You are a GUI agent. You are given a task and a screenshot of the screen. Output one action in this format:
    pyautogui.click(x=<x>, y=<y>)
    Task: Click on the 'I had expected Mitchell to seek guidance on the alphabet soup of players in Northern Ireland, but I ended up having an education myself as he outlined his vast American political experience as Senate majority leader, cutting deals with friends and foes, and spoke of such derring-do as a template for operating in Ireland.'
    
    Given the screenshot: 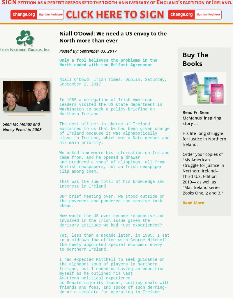 What is the action you would take?
    pyautogui.click(x=114, y=276)
    